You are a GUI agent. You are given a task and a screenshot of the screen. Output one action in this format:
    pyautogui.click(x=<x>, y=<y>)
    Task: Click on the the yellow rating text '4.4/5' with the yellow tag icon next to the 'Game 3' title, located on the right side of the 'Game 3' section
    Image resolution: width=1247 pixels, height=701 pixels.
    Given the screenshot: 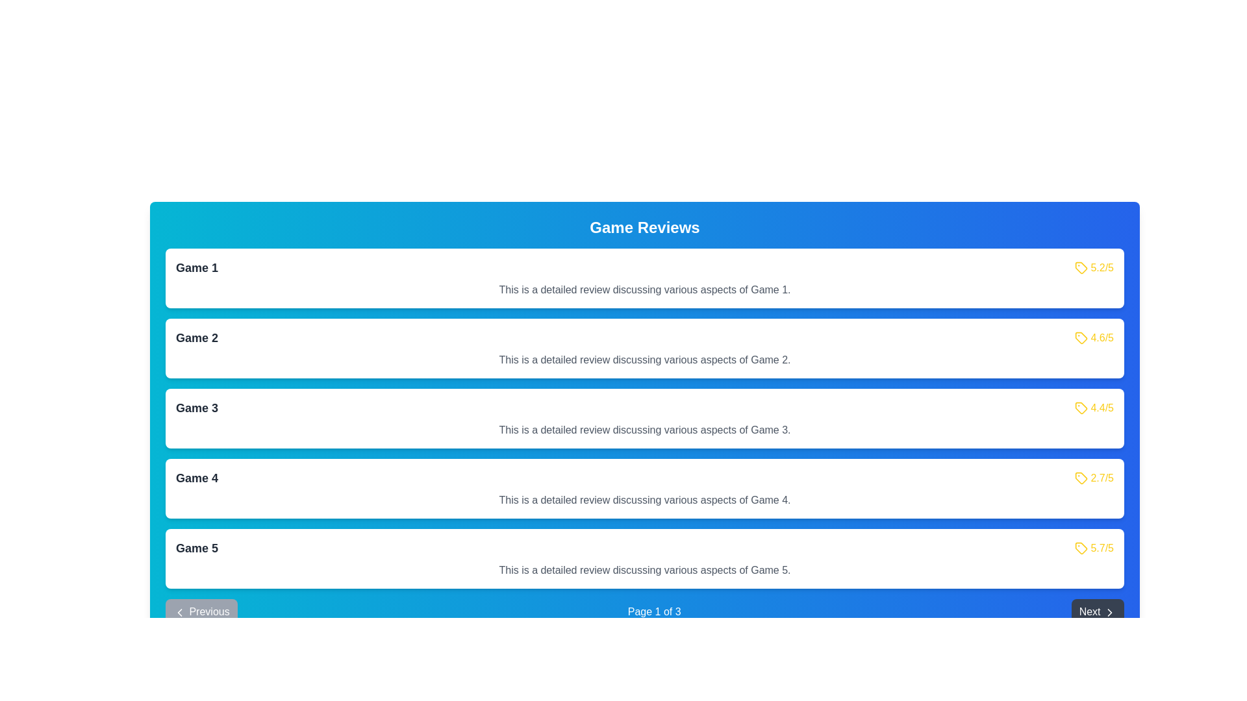 What is the action you would take?
    pyautogui.click(x=1094, y=407)
    